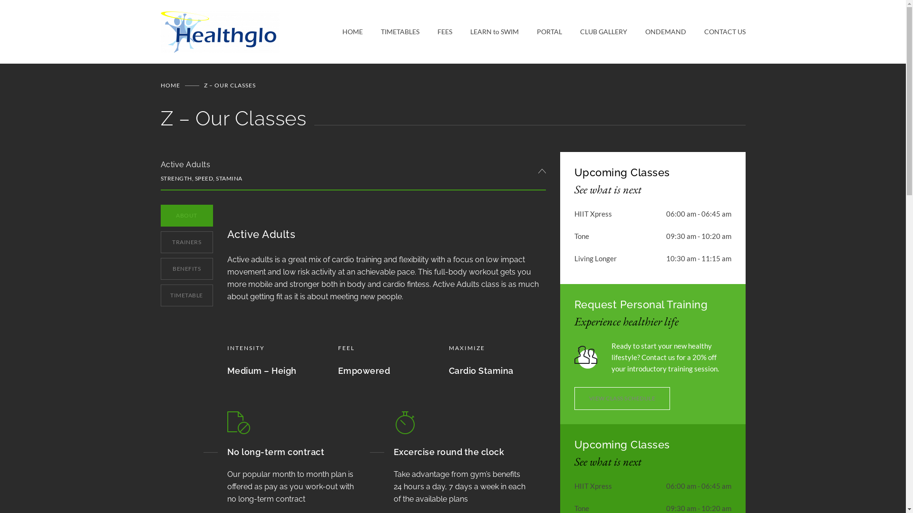 The height and width of the screenshot is (513, 913). I want to click on 'FEES', so click(435, 31).